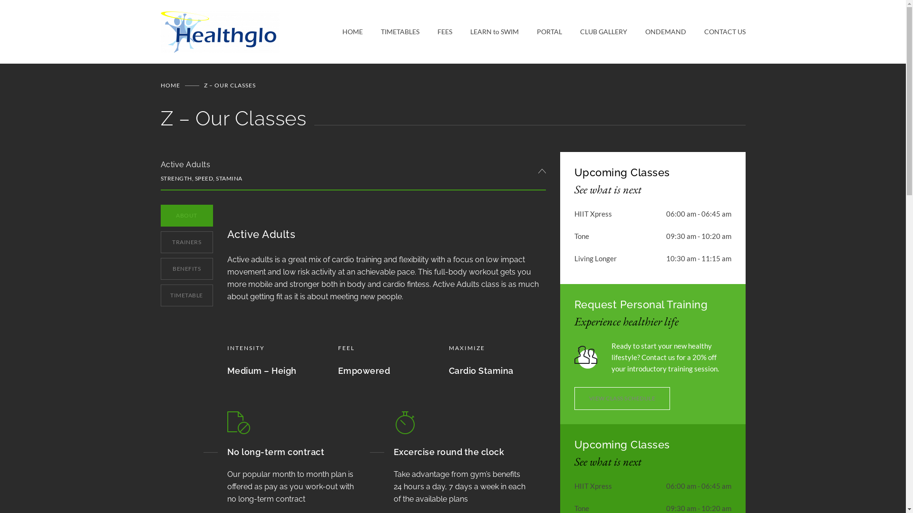 The height and width of the screenshot is (513, 913). I want to click on 'FEES', so click(435, 31).